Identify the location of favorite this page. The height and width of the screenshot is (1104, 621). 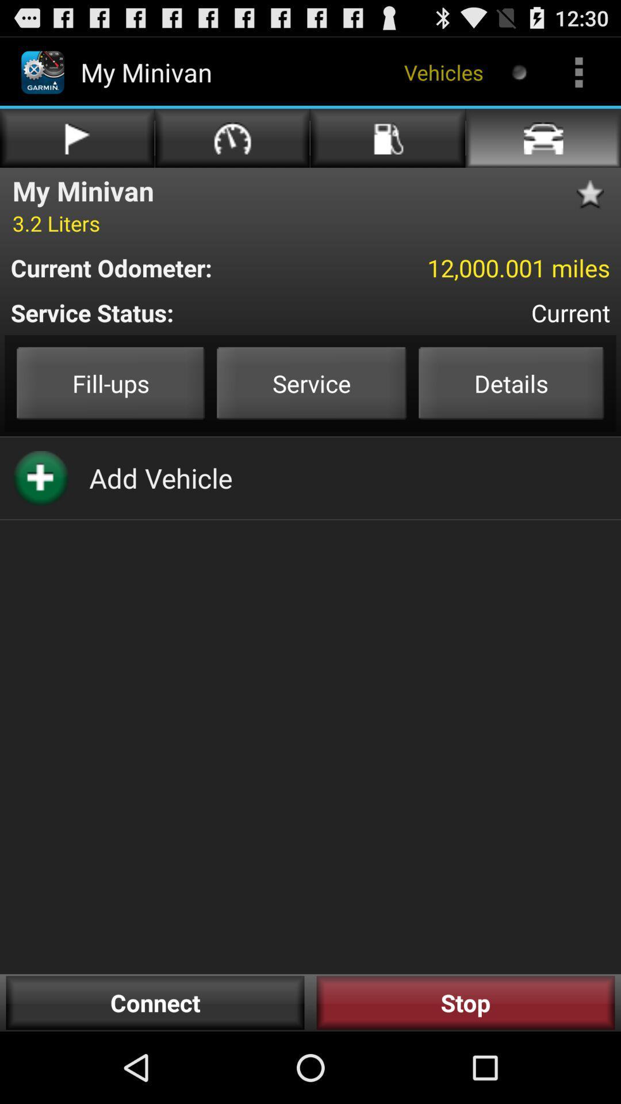
(594, 194).